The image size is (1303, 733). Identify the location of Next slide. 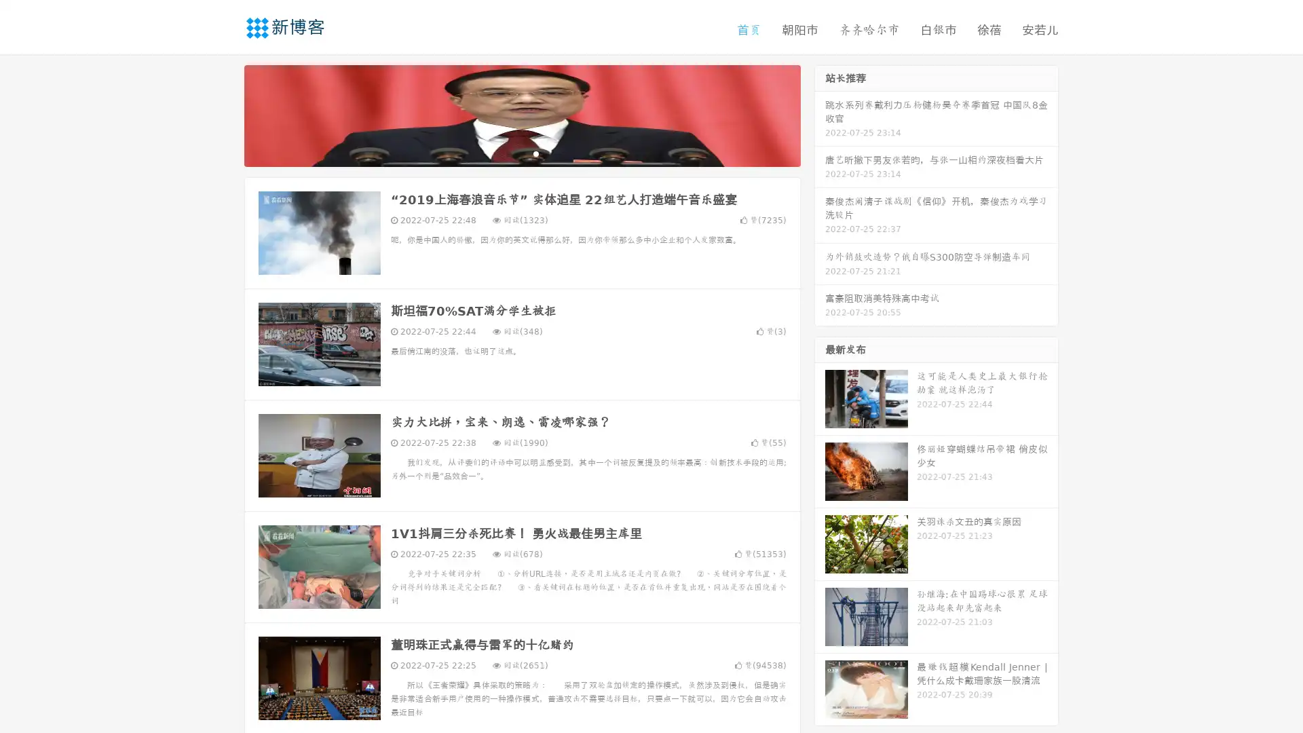
(820, 114).